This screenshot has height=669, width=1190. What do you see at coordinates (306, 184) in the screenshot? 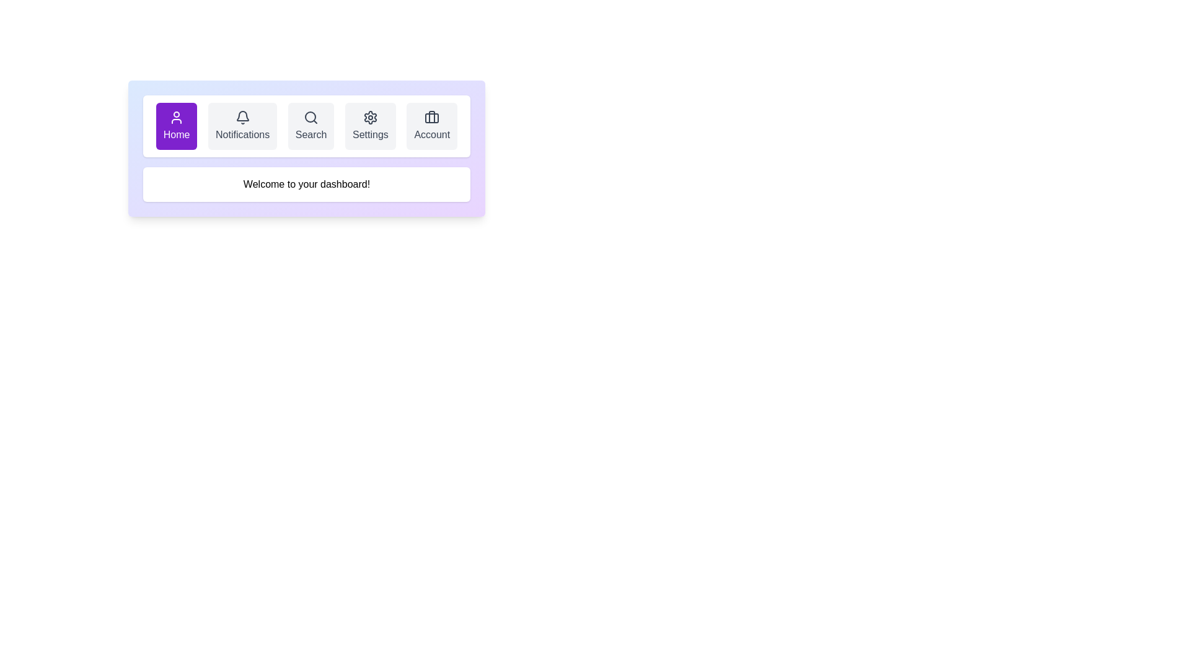
I see `the text display box that contains the text 'Welcome to your dashboard!' which is centered beneath the navigation bar` at bounding box center [306, 184].